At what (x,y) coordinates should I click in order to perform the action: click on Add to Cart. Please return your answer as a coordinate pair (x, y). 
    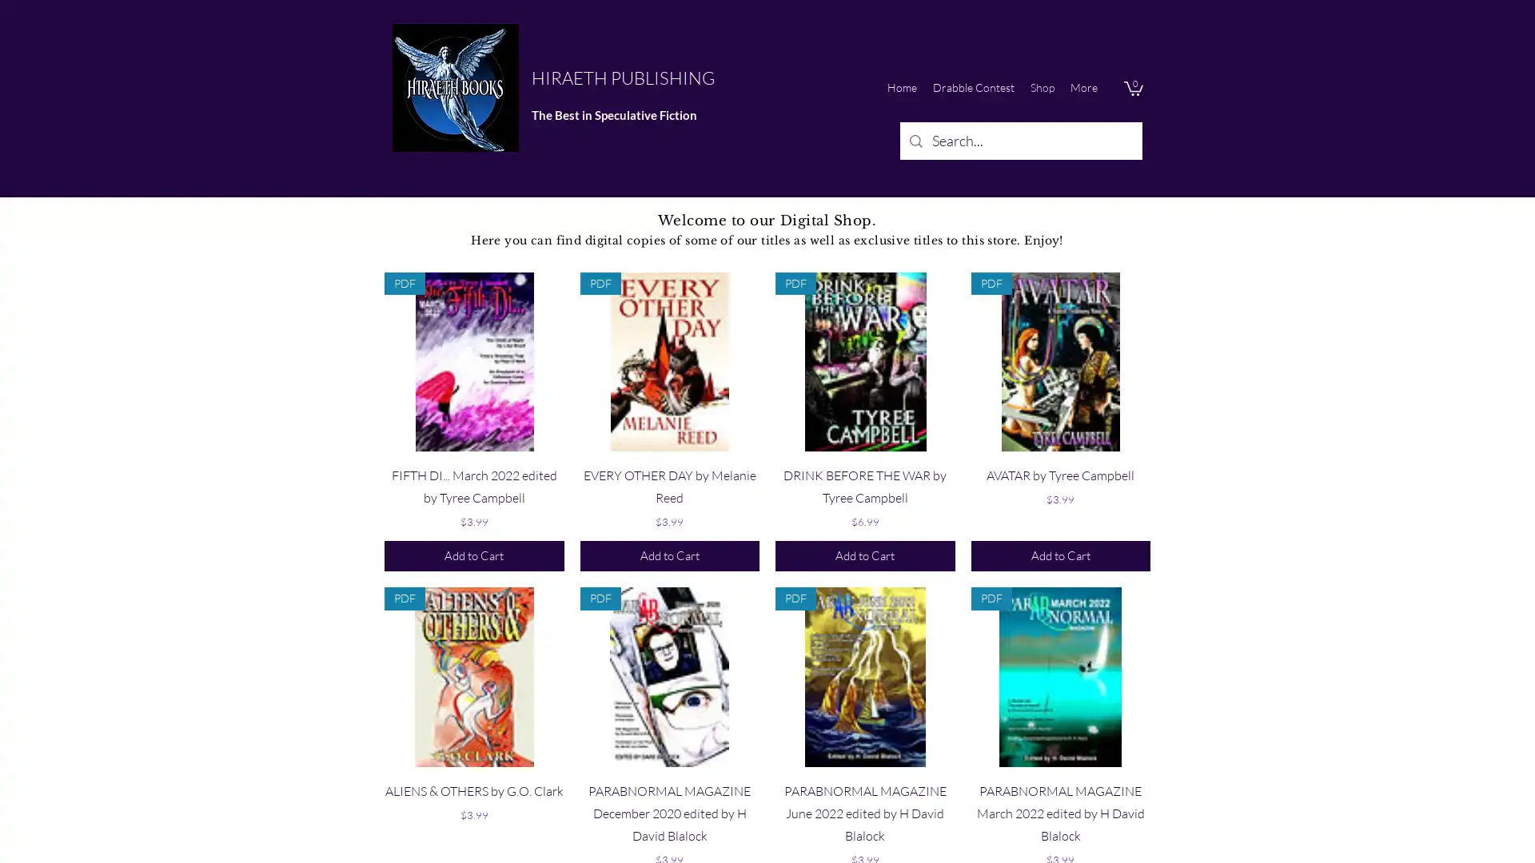
    Looking at the image, I should click on (863, 555).